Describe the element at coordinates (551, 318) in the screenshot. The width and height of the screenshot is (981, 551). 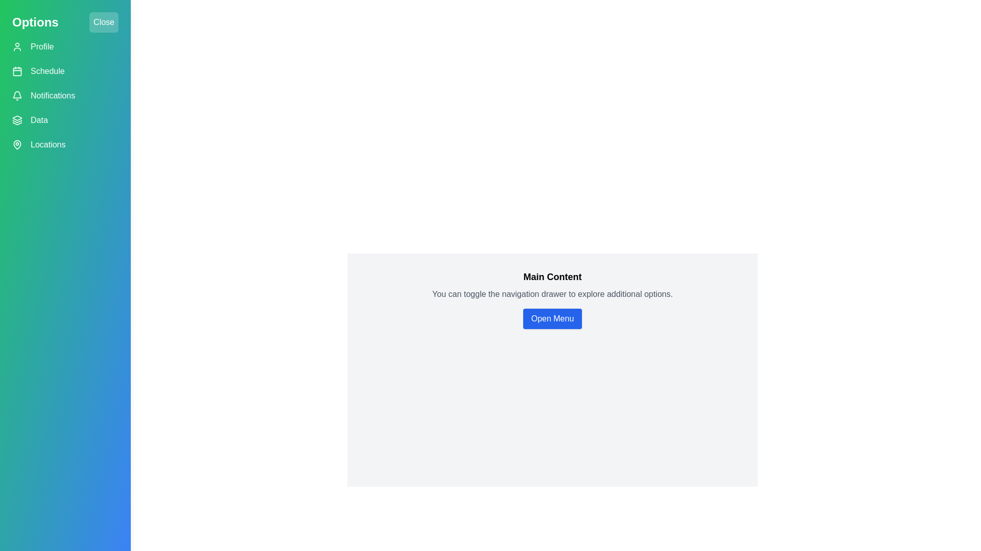
I see `the 'Open Menu' button in the main content area` at that location.